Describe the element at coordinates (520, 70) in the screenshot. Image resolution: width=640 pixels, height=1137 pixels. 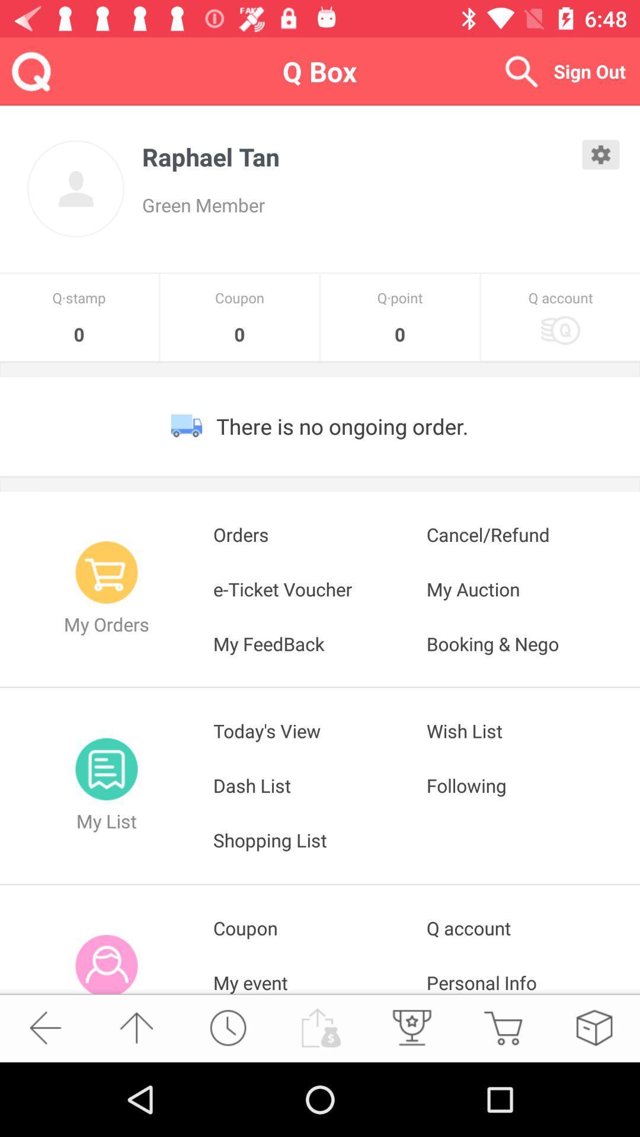
I see `search` at that location.